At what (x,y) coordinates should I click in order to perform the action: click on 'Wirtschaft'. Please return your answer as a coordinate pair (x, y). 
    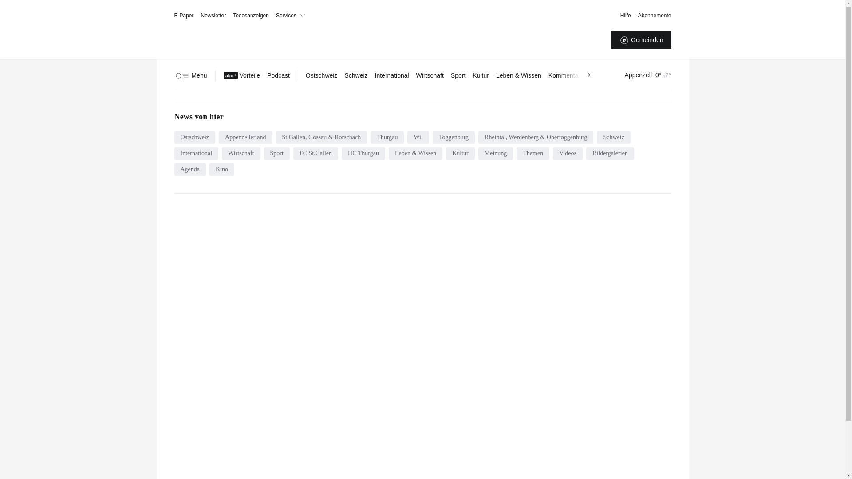
    Looking at the image, I should click on (221, 153).